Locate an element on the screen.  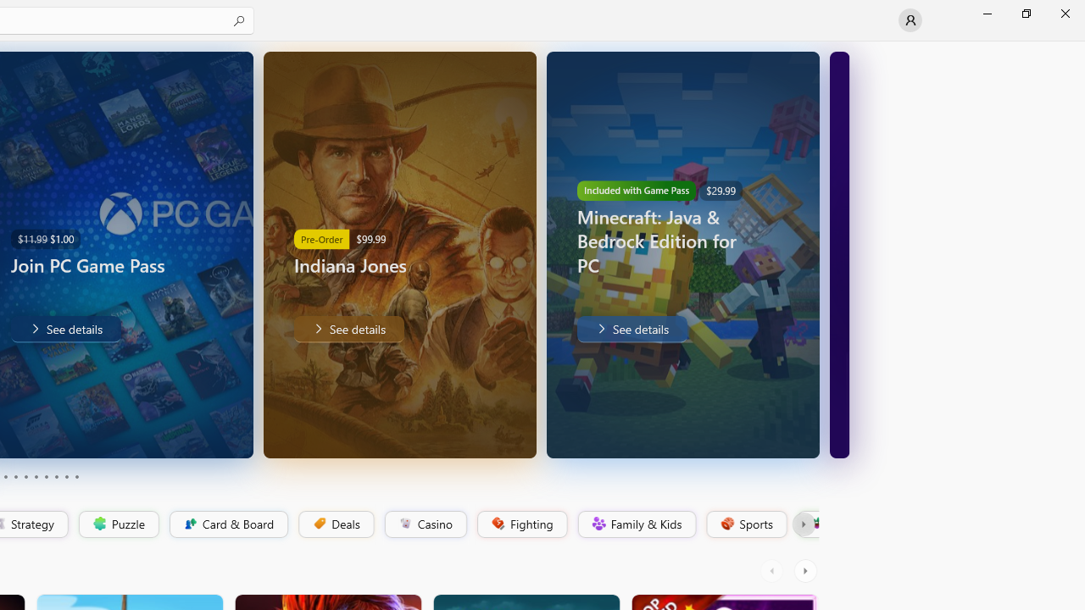
'Fighting' is located at coordinates (520, 524).